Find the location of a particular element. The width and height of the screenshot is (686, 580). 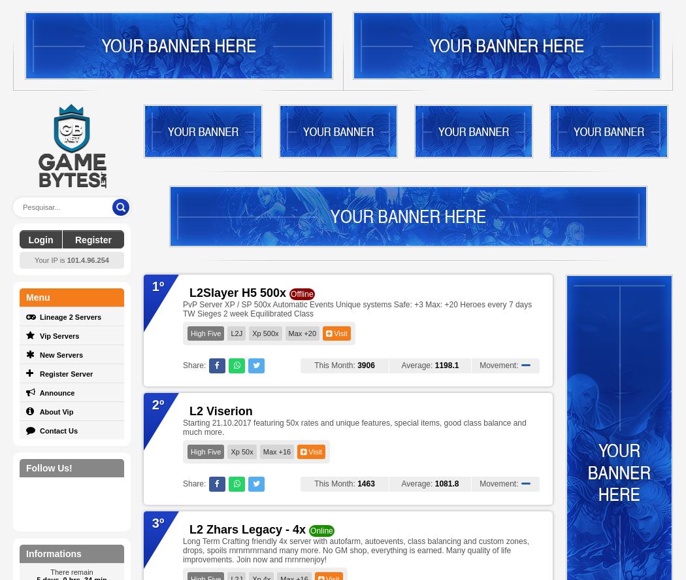

'Xp 500x' is located at coordinates (265, 333).